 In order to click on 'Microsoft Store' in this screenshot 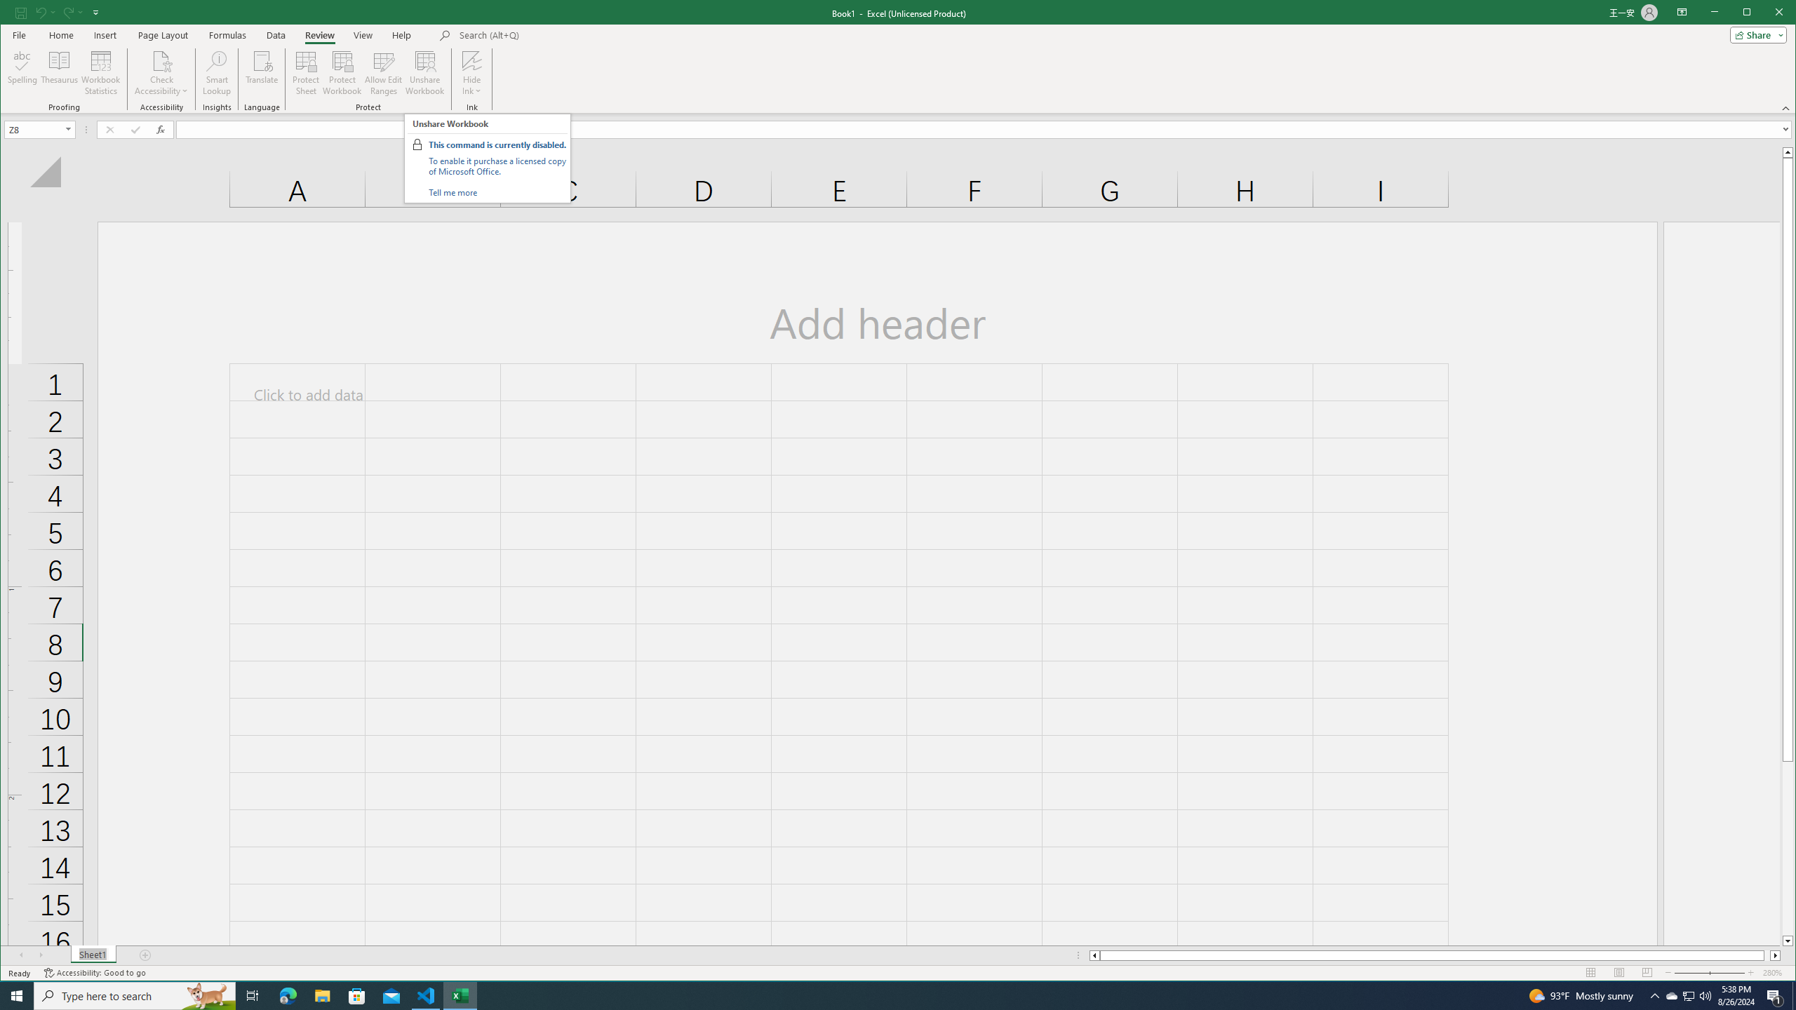, I will do `click(357, 995)`.